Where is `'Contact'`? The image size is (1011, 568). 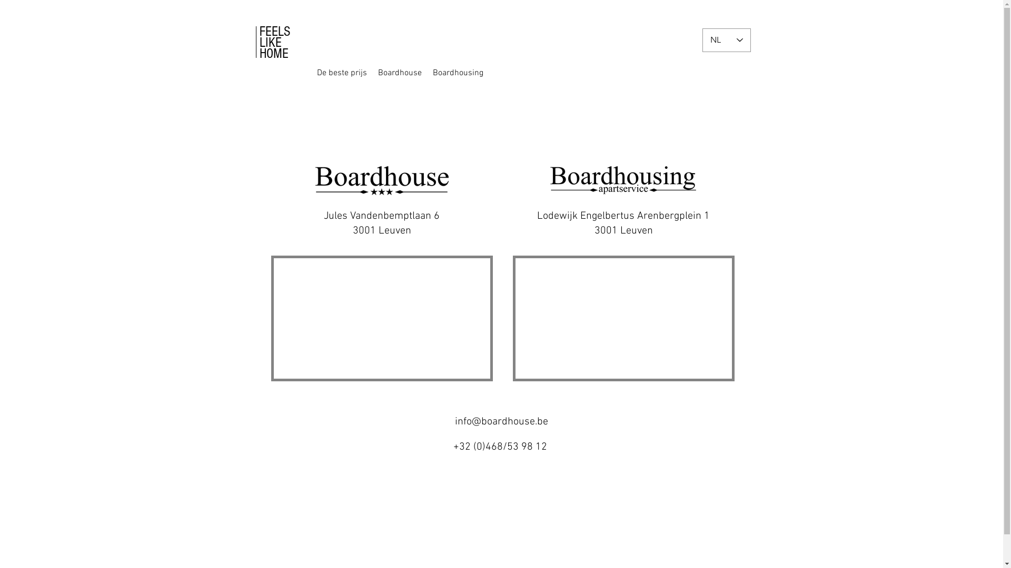
'Contact' is located at coordinates (527, 72).